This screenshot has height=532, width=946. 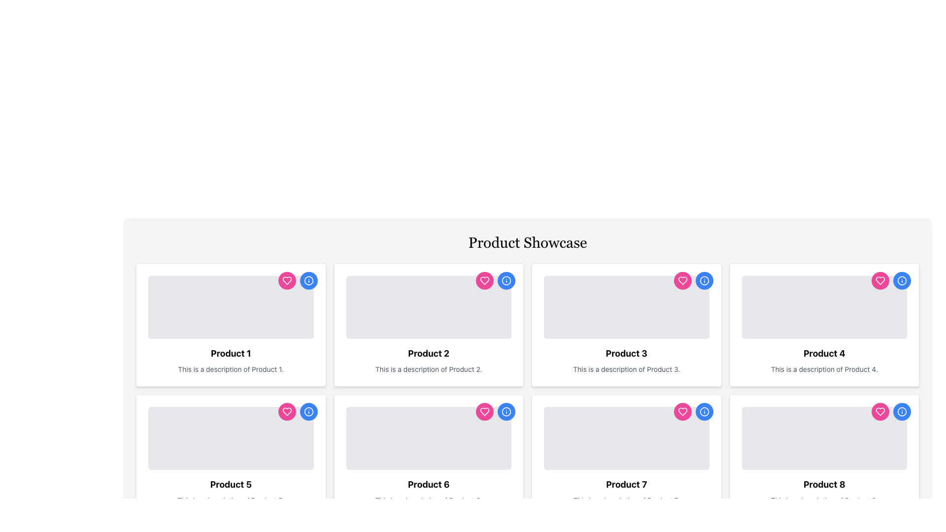 What do you see at coordinates (286, 281) in the screenshot?
I see `the small pink circular button with a white heart icon located in the upper-right corner of the card for 'Product 1'` at bounding box center [286, 281].